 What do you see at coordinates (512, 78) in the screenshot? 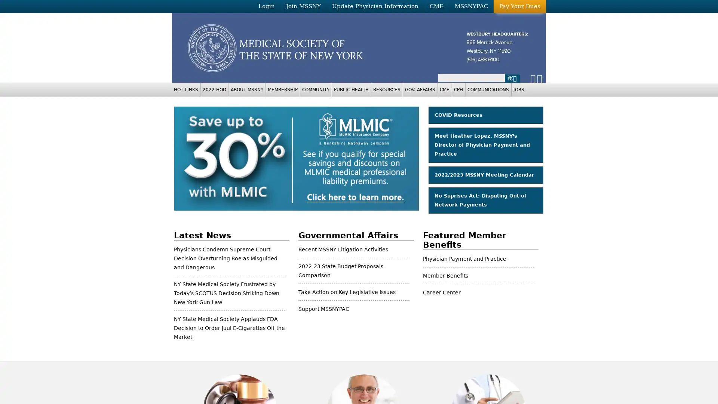
I see `i` at bounding box center [512, 78].